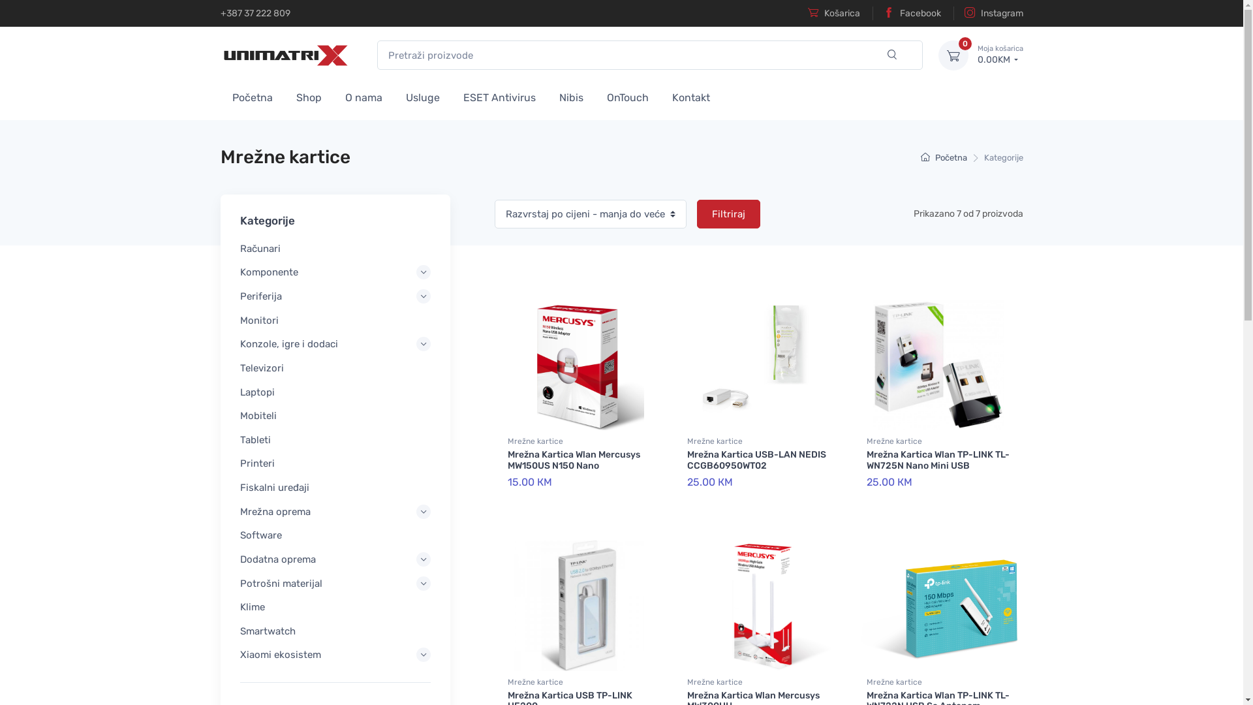 This screenshot has height=705, width=1253. I want to click on '+387 37 222 809', so click(255, 13).